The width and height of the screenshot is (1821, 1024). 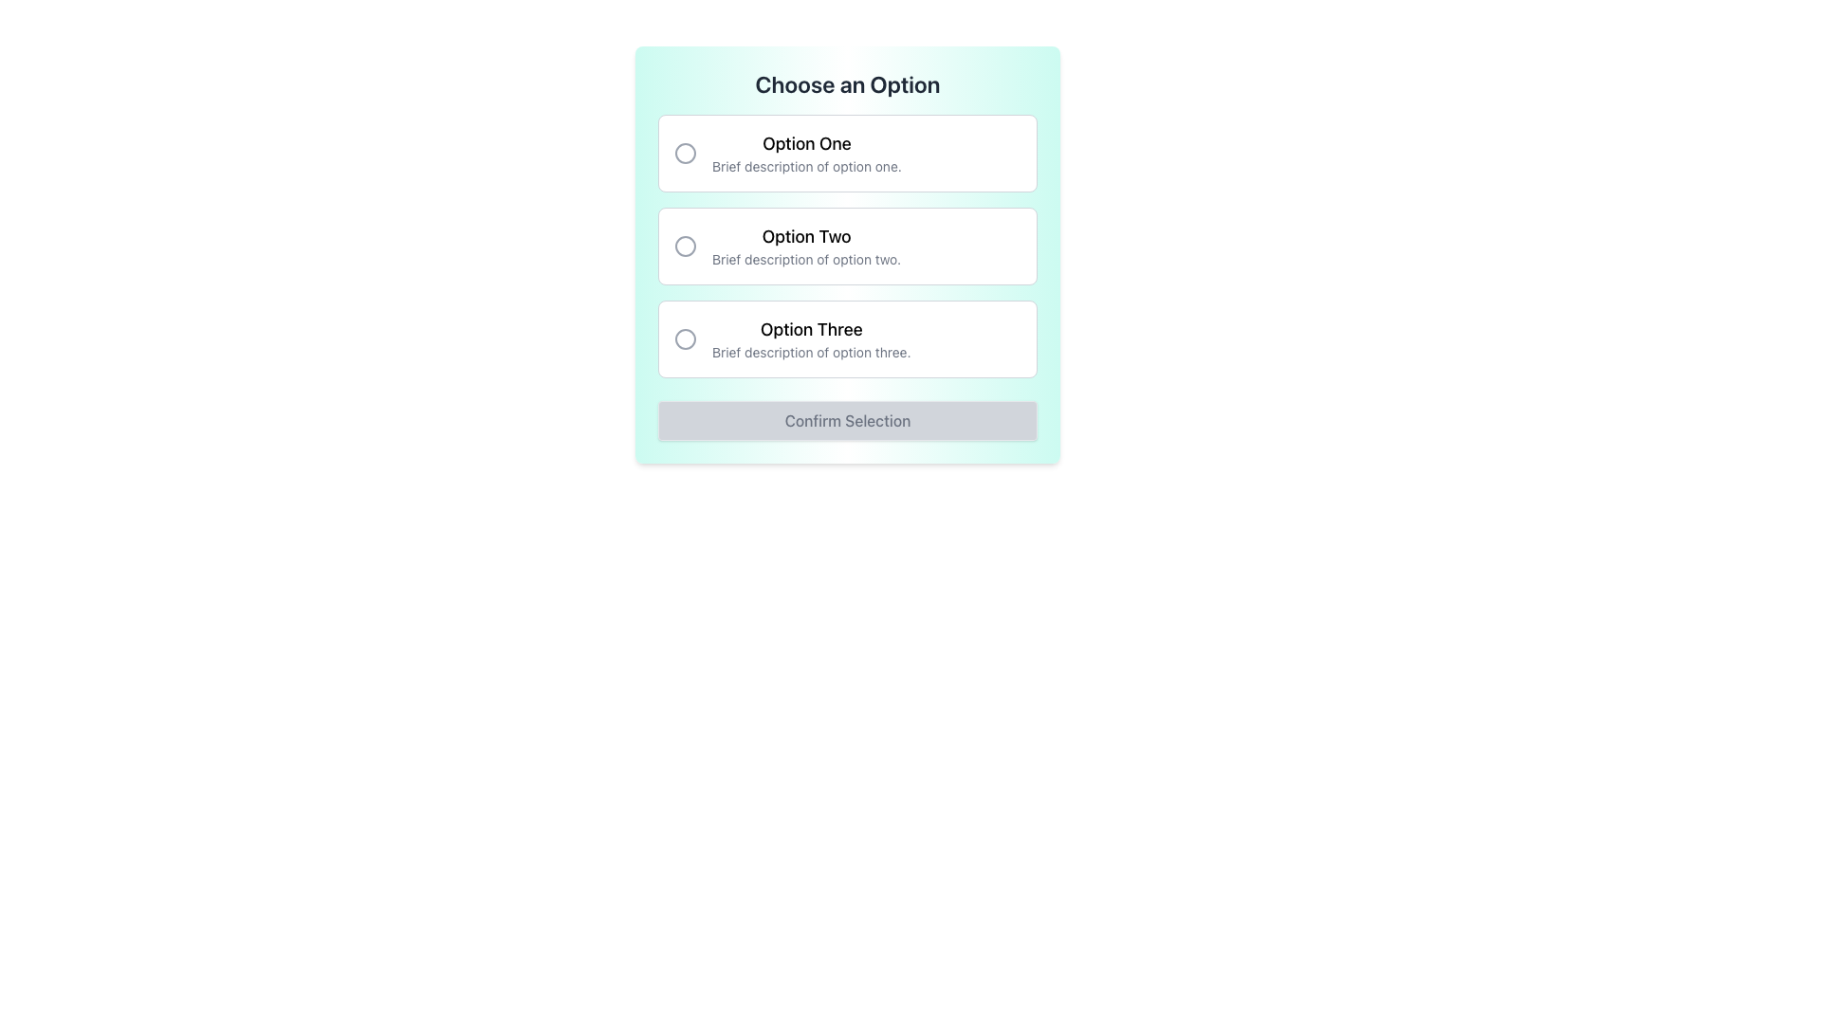 What do you see at coordinates (806, 142) in the screenshot?
I see `the text label for the first selectable option in the dialogue box, which is positioned above the text 'Brief description of option one.'` at bounding box center [806, 142].